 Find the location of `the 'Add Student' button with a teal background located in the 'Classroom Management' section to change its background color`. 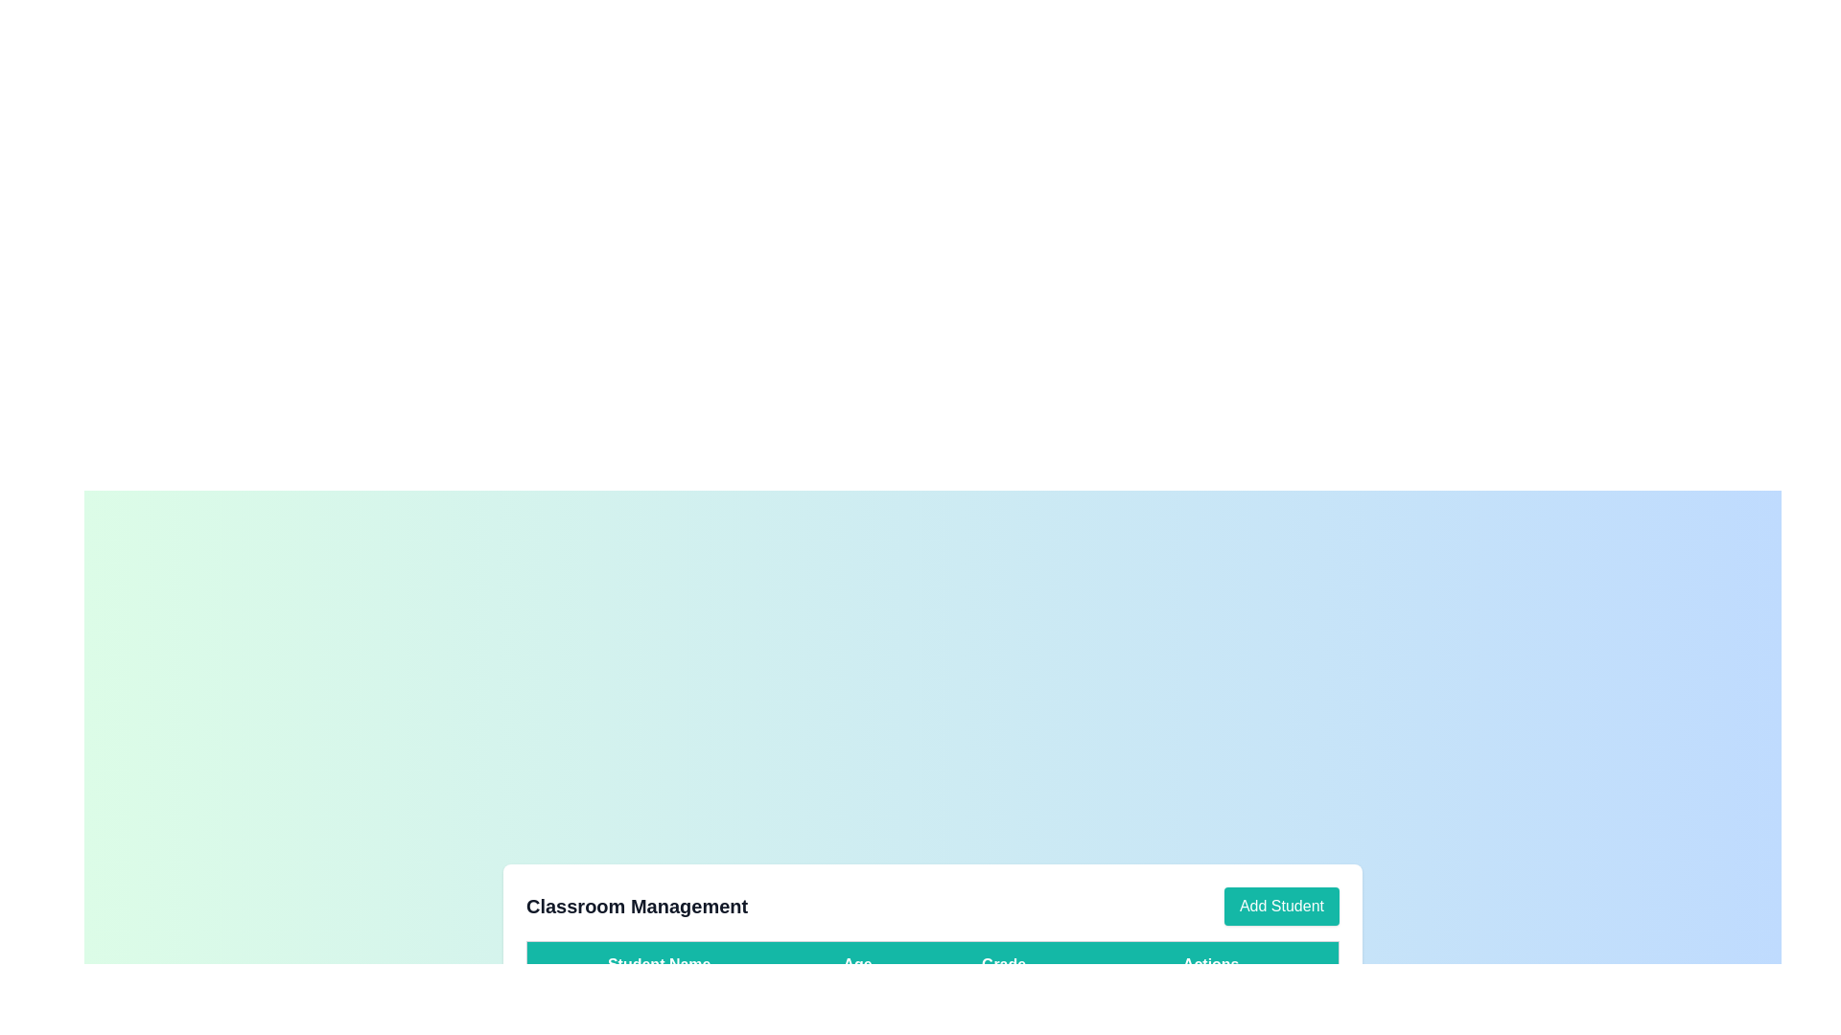

the 'Add Student' button with a teal background located in the 'Classroom Management' section to change its background color is located at coordinates (1281, 906).